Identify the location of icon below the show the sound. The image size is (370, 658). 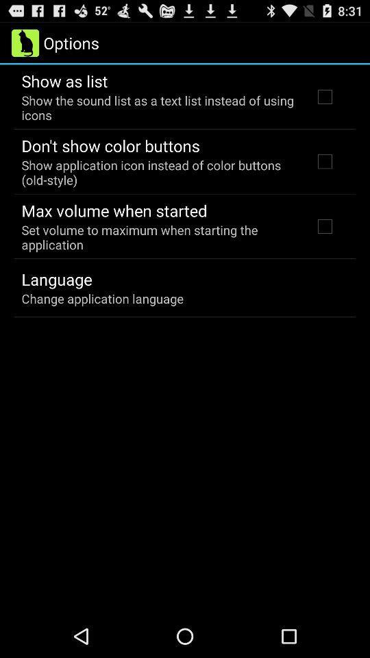
(110, 145).